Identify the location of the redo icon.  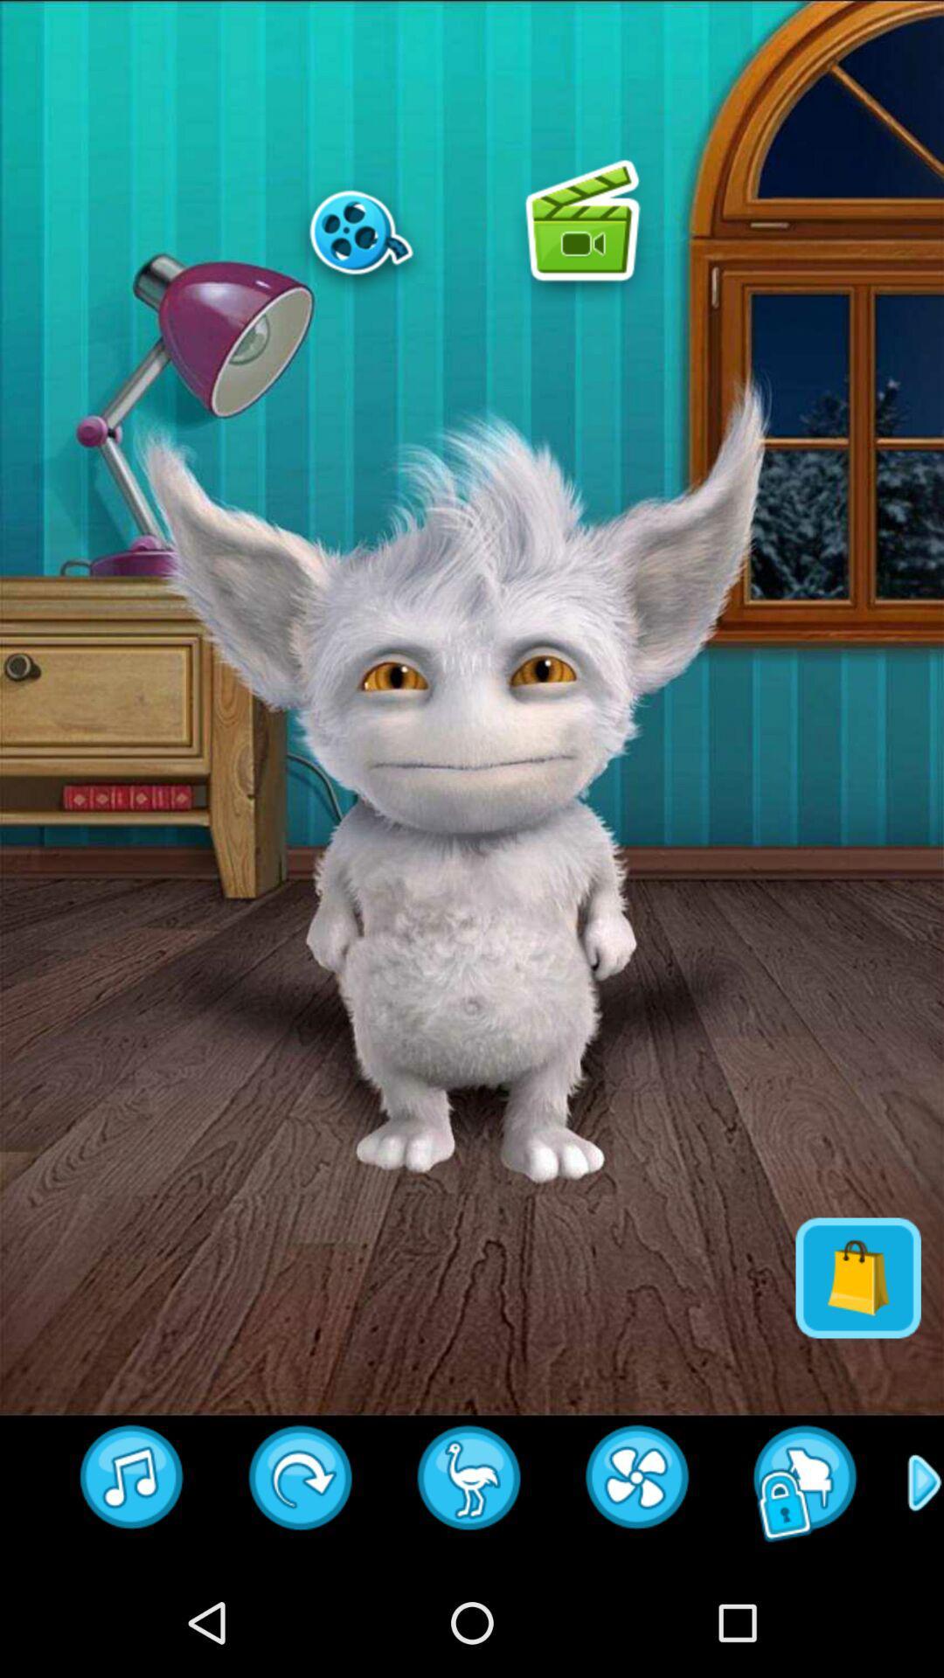
(300, 1587).